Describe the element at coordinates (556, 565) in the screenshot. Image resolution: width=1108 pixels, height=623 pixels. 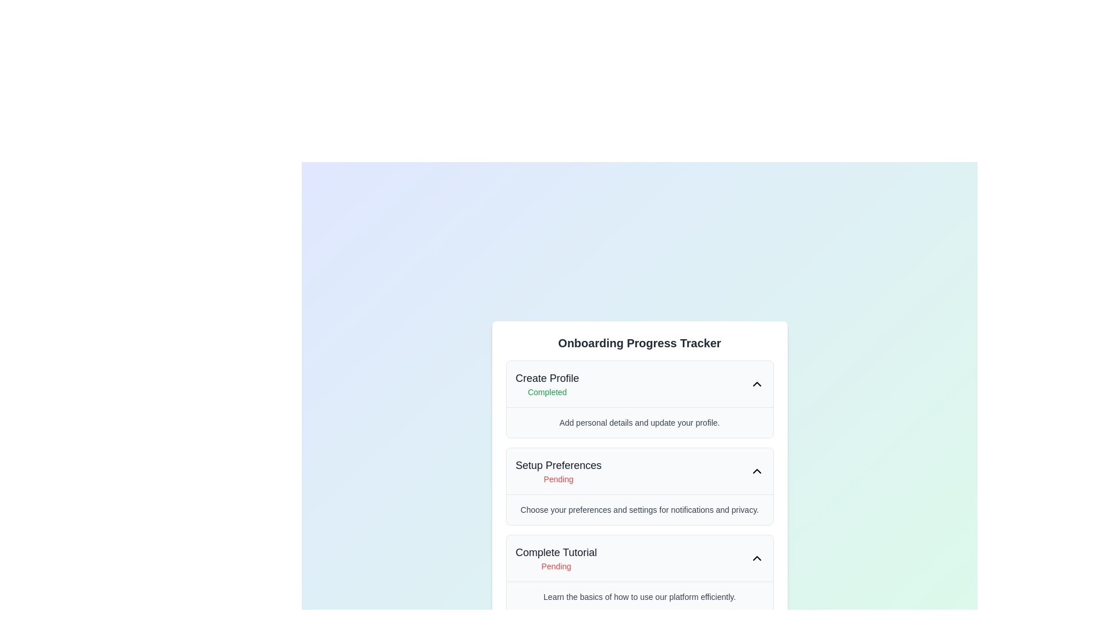
I see `the status indicator text label that denotes the 'Complete Tutorial' task is not yet completed, located in the 'Onboarding Progress Tracker' interface` at that location.